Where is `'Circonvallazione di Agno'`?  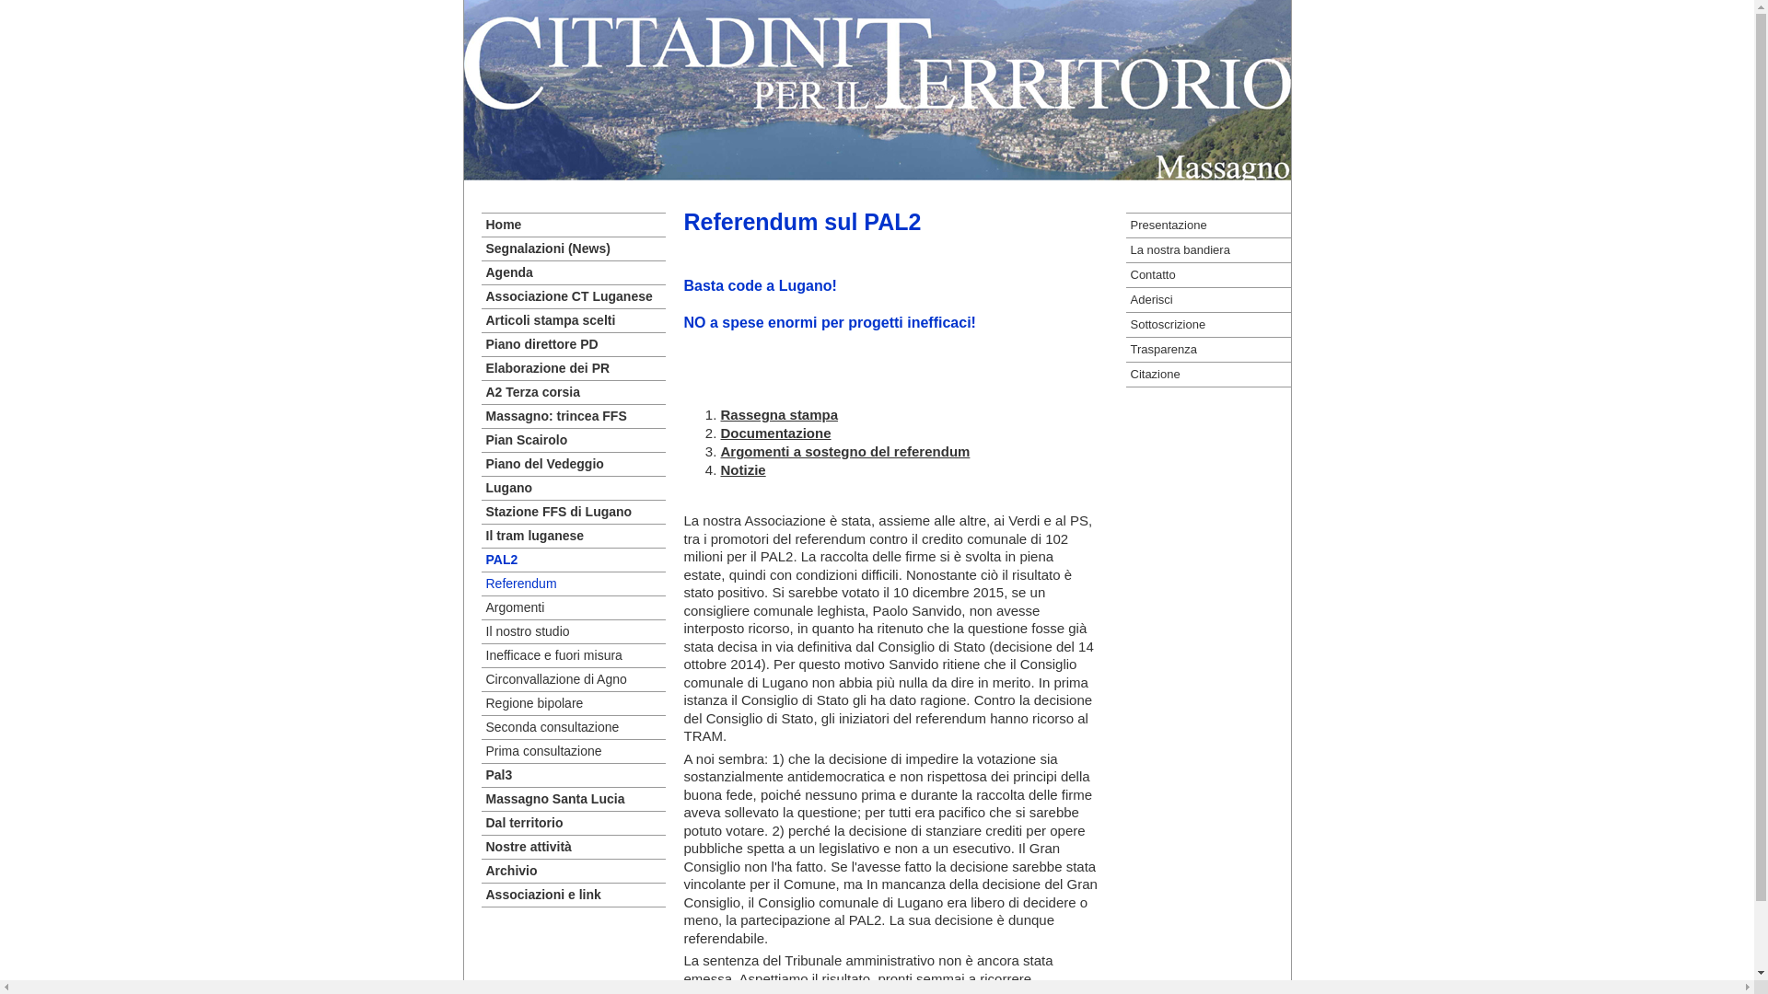
'Circonvallazione di Agno' is located at coordinates (572, 679).